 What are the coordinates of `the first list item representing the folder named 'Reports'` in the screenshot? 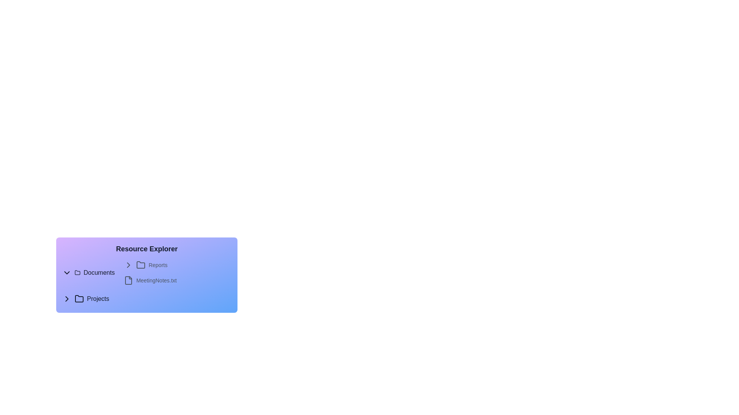 It's located at (177, 265).